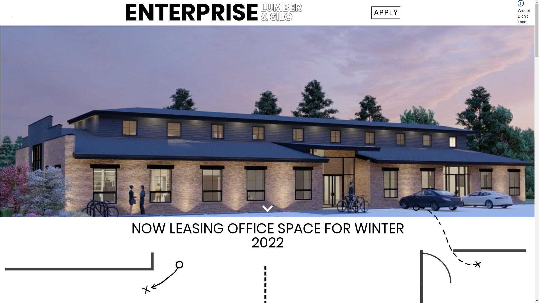 The image size is (539, 303). I want to click on 'APPLY', so click(385, 13).